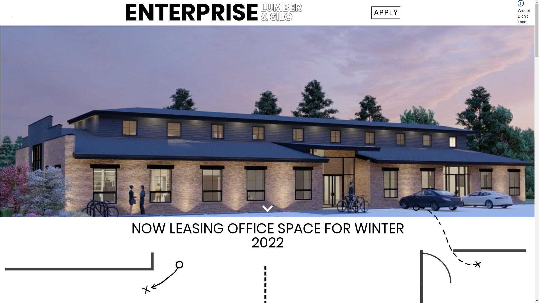 The image size is (539, 303). I want to click on 'APPLY', so click(385, 13).